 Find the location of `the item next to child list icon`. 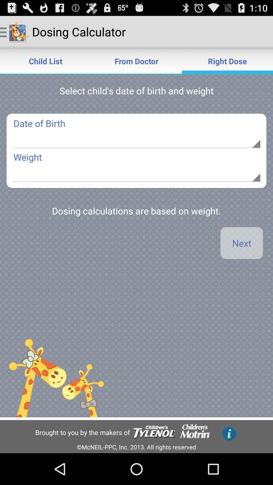

the item next to child list icon is located at coordinates (136, 61).